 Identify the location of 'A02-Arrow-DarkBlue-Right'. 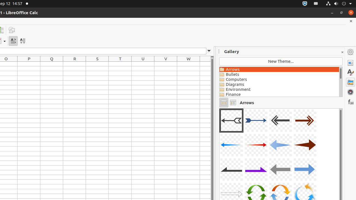
(256, 120).